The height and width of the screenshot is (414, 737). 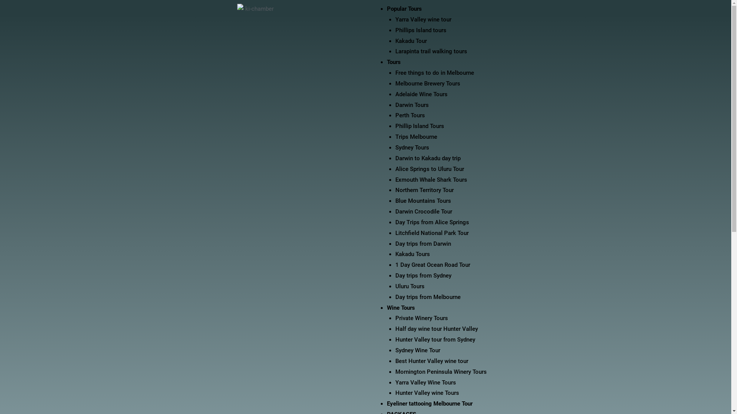 What do you see at coordinates (423, 244) in the screenshot?
I see `'Day trips from Darwin'` at bounding box center [423, 244].